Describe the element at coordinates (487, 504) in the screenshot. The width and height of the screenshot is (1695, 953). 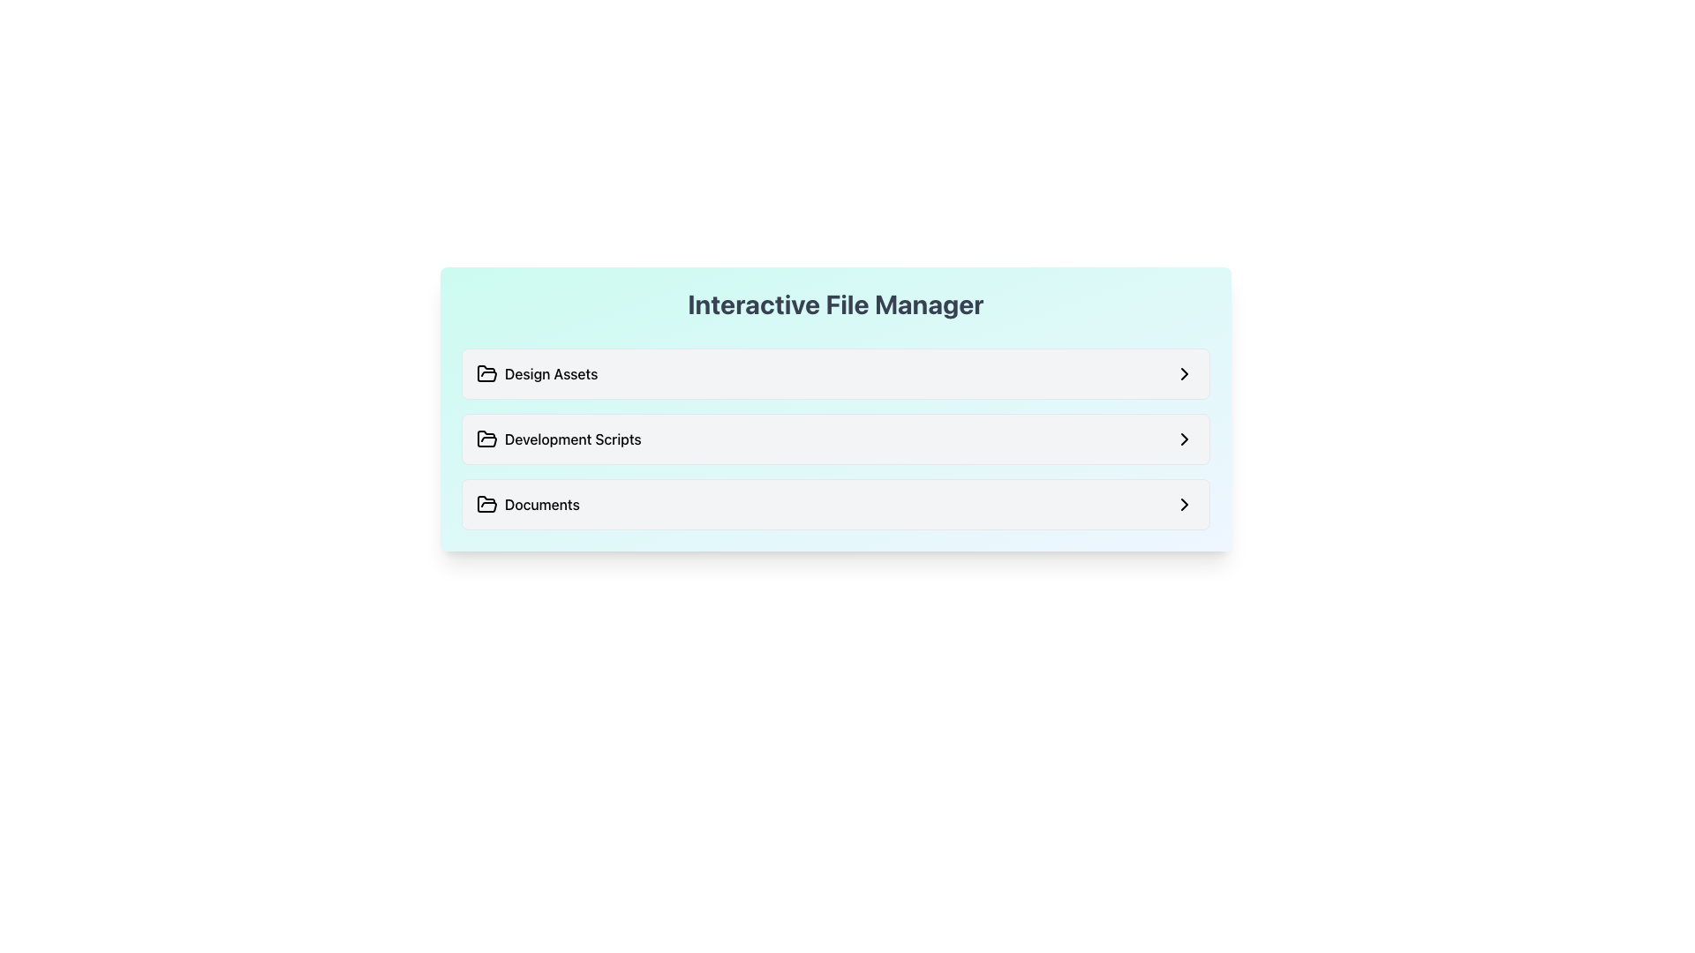
I see `the folder icon, which is a stylized outline of a folder located to the left of the 'Documents' label in the Interactive File Manager` at that location.